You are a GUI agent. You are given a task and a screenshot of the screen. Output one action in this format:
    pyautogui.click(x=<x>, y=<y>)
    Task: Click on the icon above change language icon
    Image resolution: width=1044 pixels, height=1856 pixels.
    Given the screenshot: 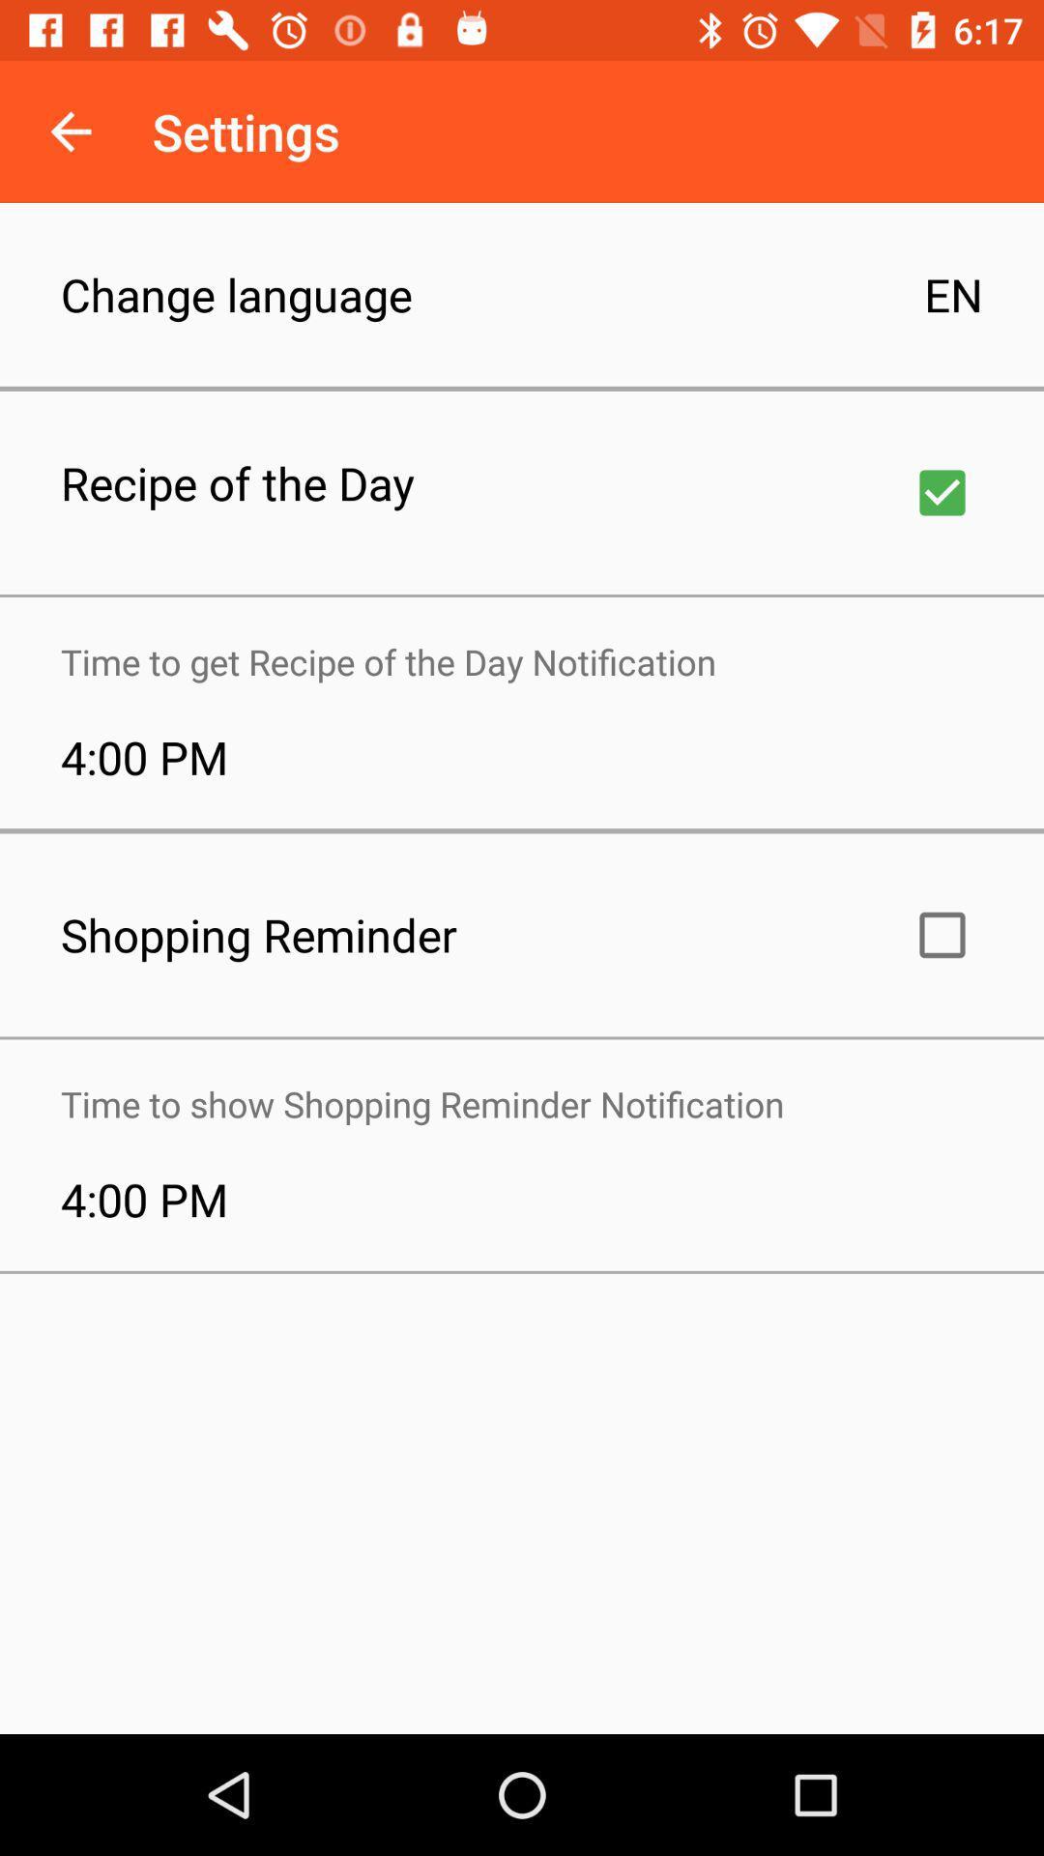 What is the action you would take?
    pyautogui.click(x=70, y=130)
    